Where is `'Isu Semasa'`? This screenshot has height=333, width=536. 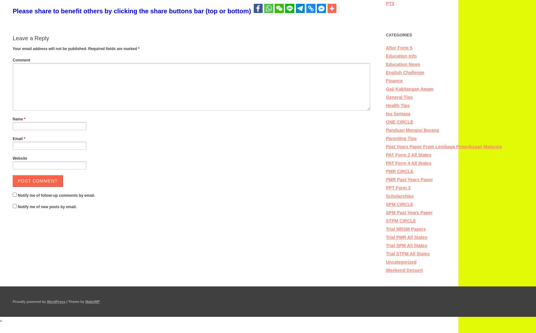
'Isu Semasa' is located at coordinates (398, 113).